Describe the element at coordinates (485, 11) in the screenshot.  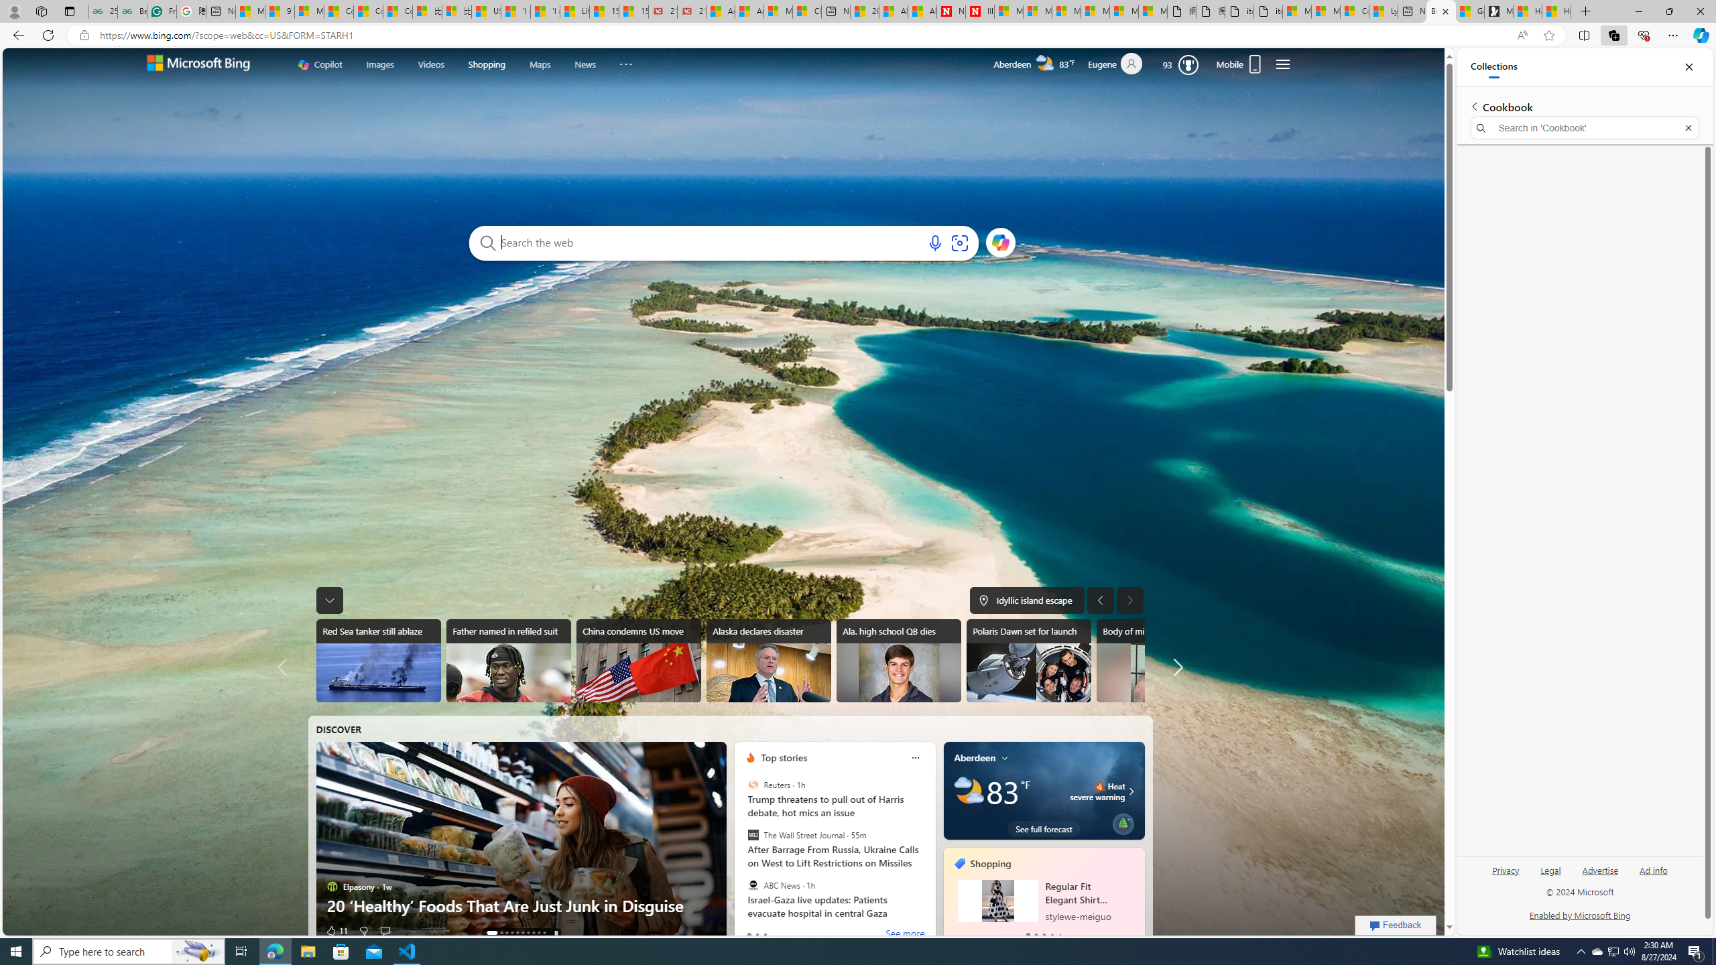
I see `'USA TODAY - MSN'` at that location.